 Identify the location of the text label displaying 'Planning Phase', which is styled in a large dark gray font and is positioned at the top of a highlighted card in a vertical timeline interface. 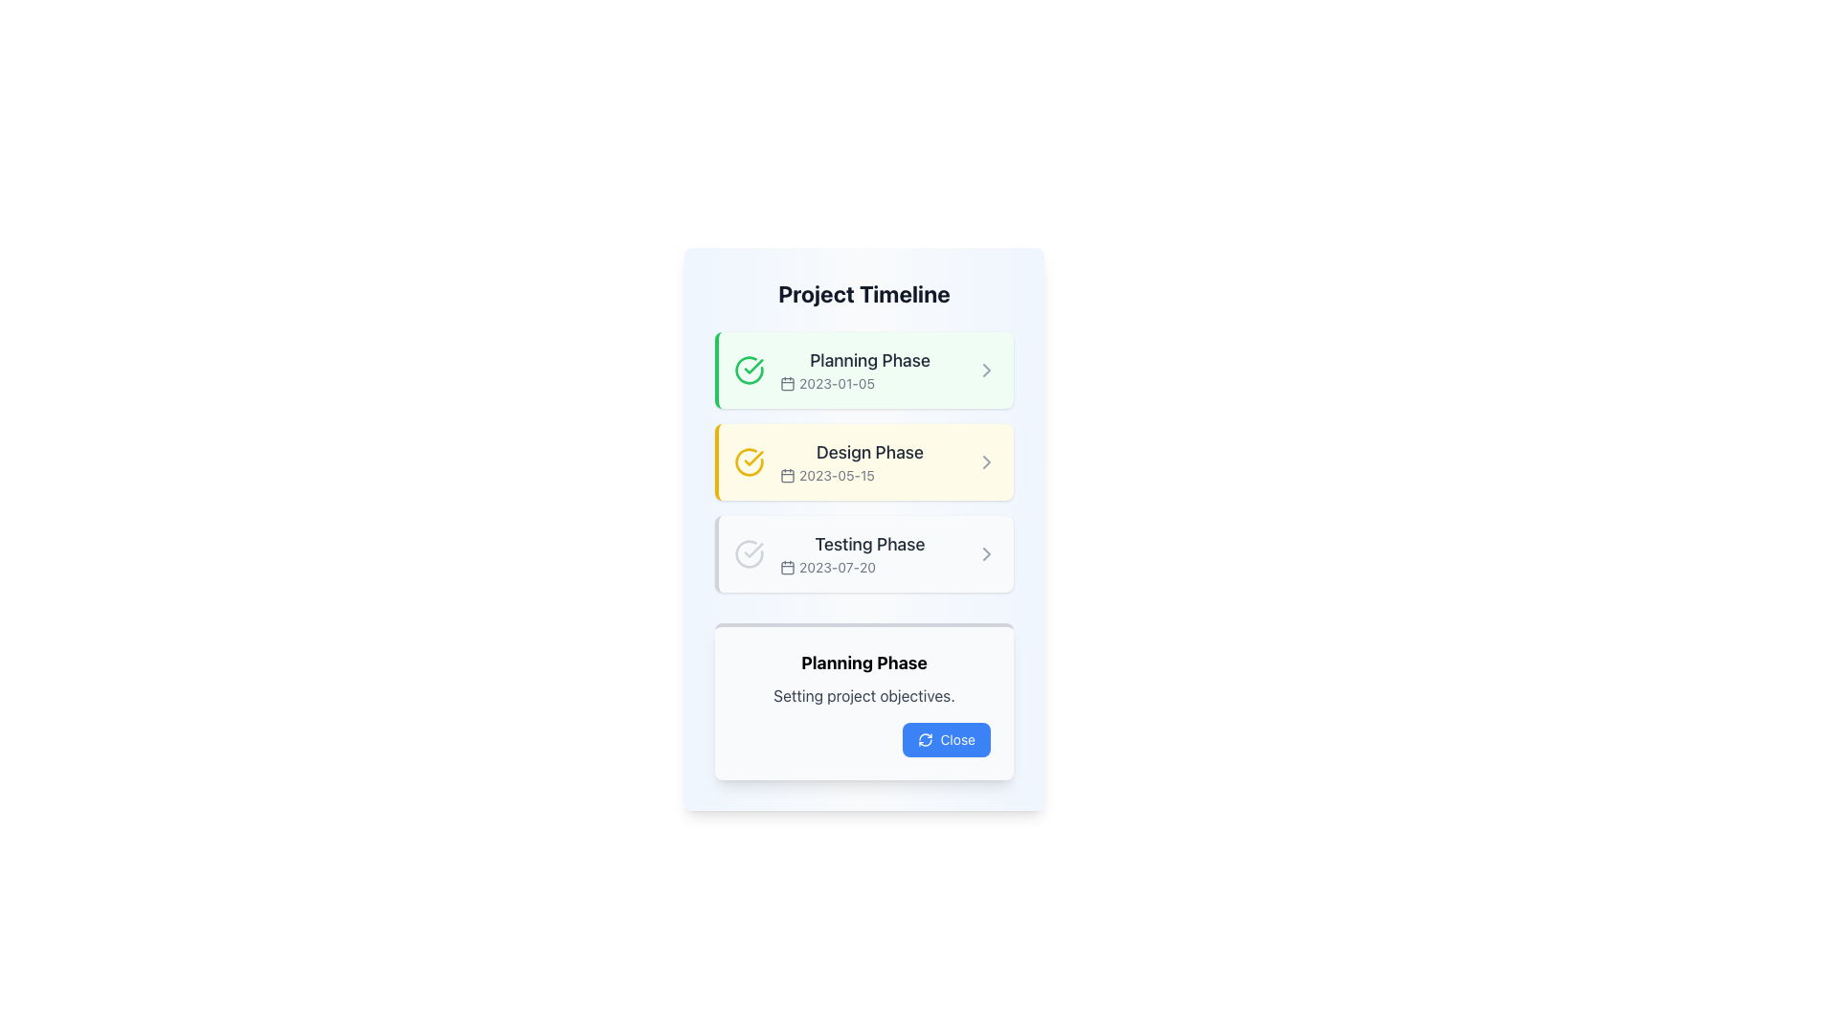
(868, 361).